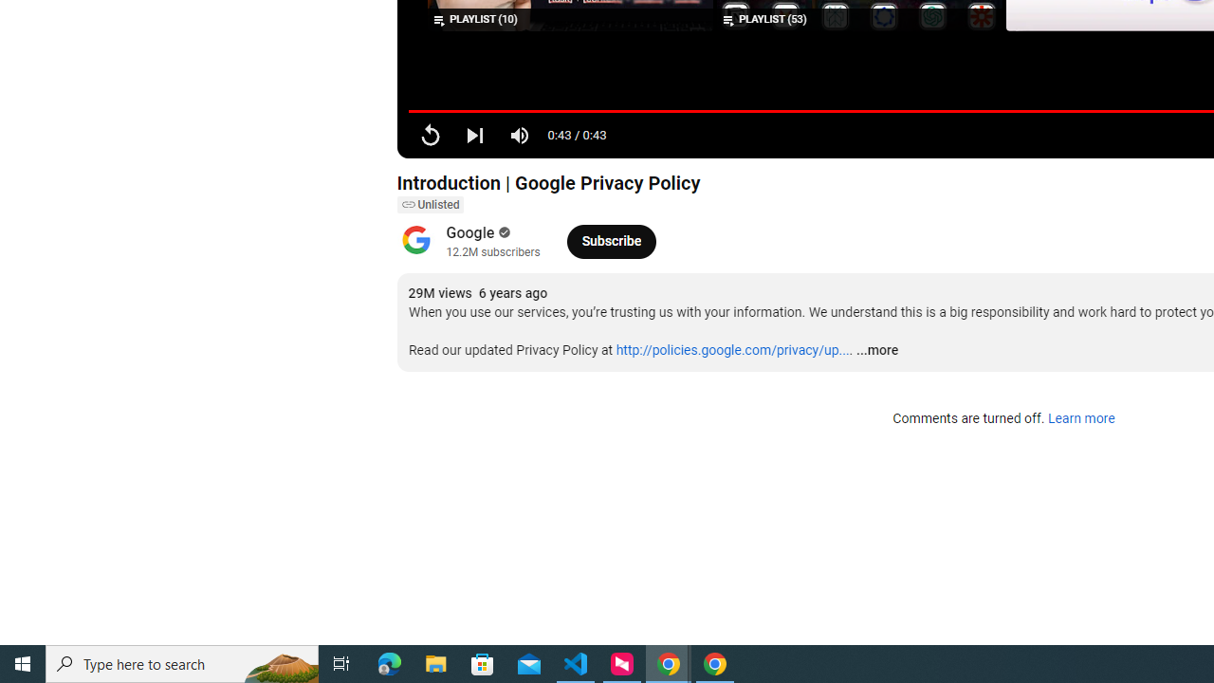 The width and height of the screenshot is (1214, 683). Describe the element at coordinates (470, 231) in the screenshot. I see `'Google'` at that location.